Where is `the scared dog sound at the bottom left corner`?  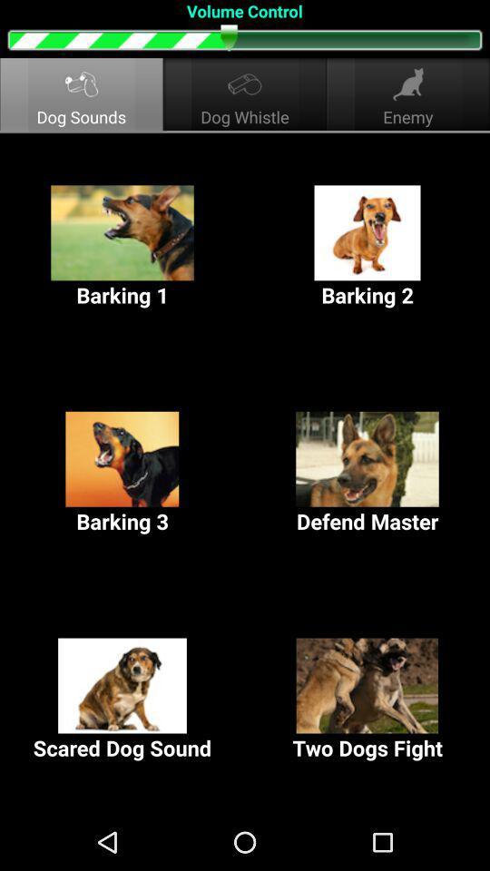
the scared dog sound at the bottom left corner is located at coordinates (122, 699).